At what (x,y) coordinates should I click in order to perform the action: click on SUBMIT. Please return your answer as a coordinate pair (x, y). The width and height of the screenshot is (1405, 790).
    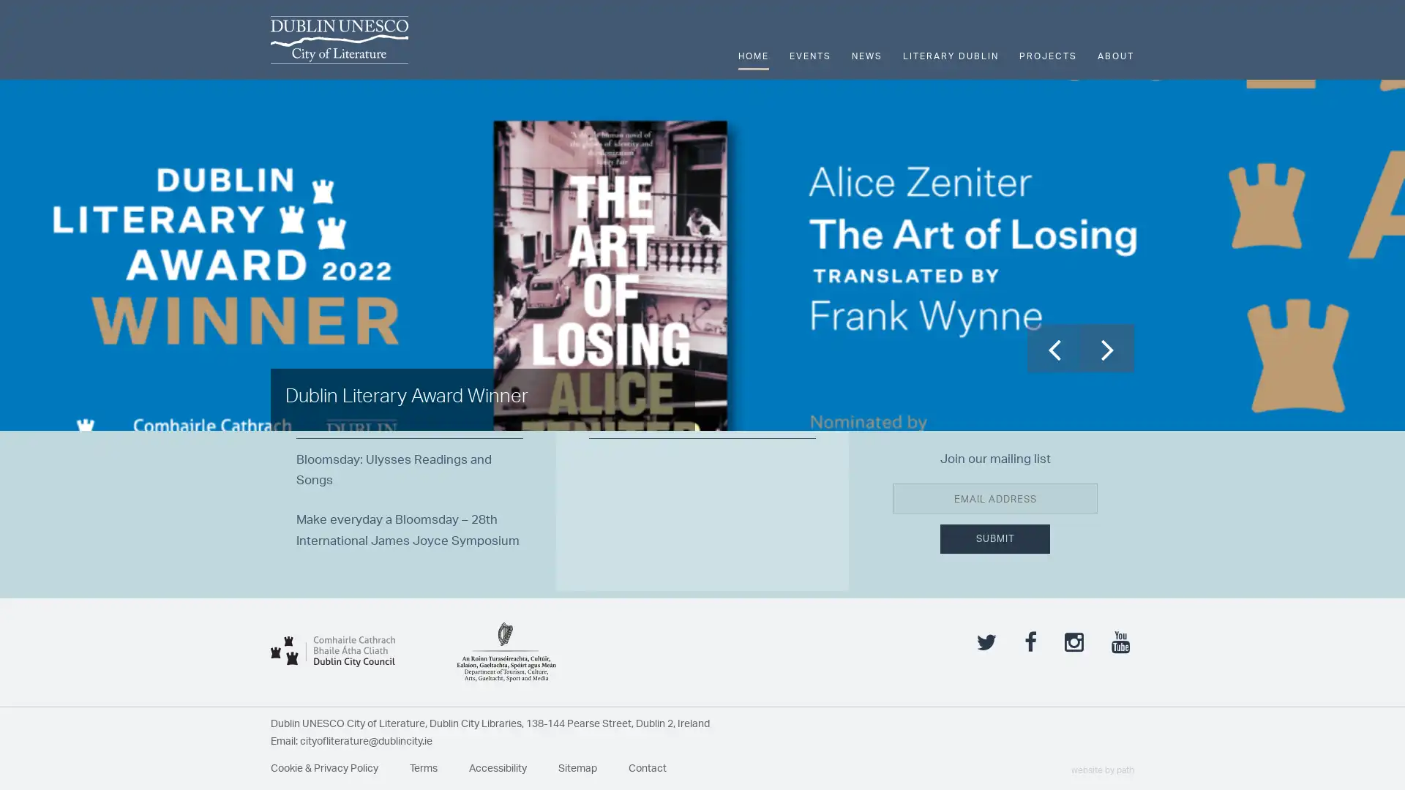
    Looking at the image, I should click on (994, 597).